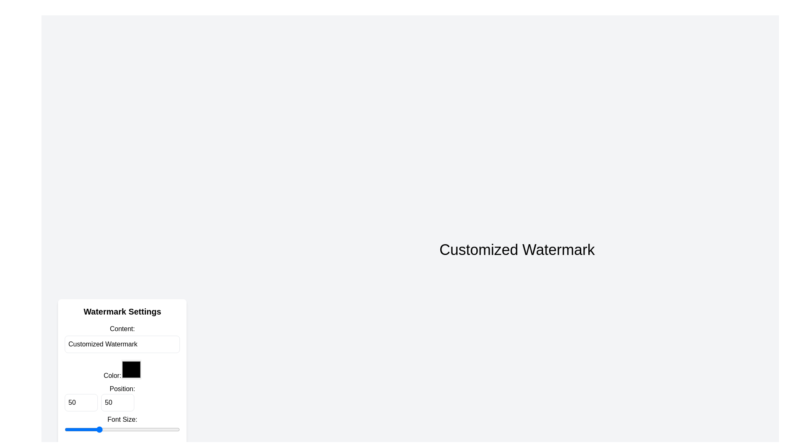 Image resolution: width=796 pixels, height=447 pixels. Describe the element at coordinates (117, 402) in the screenshot. I see `the second numeric input field` at that location.